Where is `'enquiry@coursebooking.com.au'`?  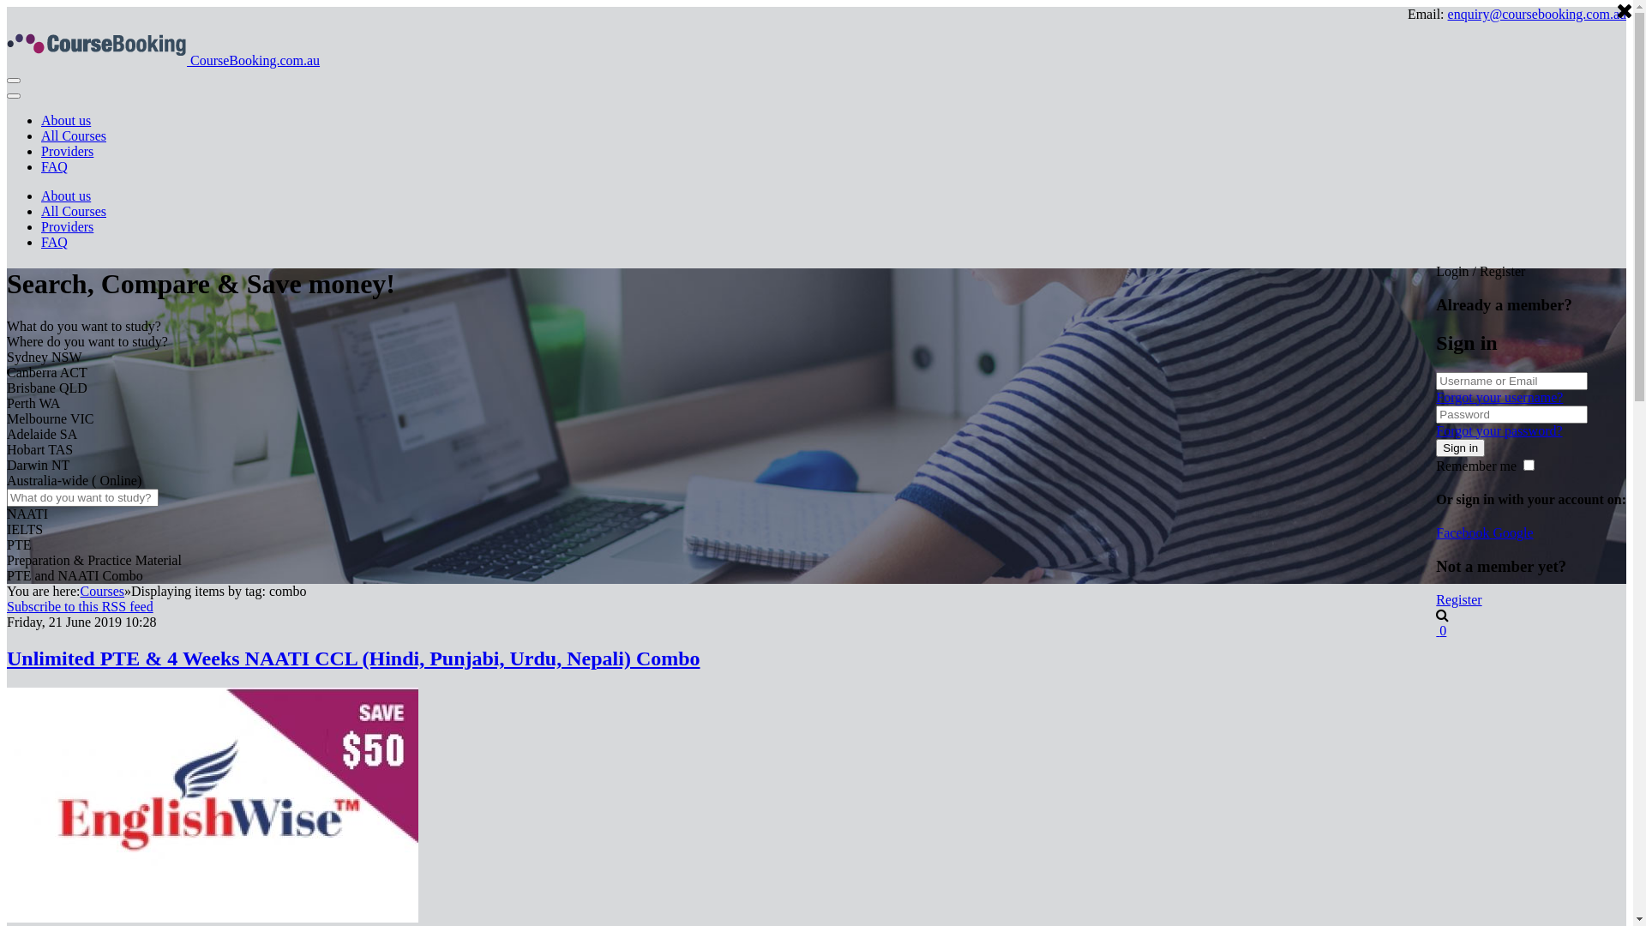
'enquiry@coursebooking.com.au' is located at coordinates (1447, 14).